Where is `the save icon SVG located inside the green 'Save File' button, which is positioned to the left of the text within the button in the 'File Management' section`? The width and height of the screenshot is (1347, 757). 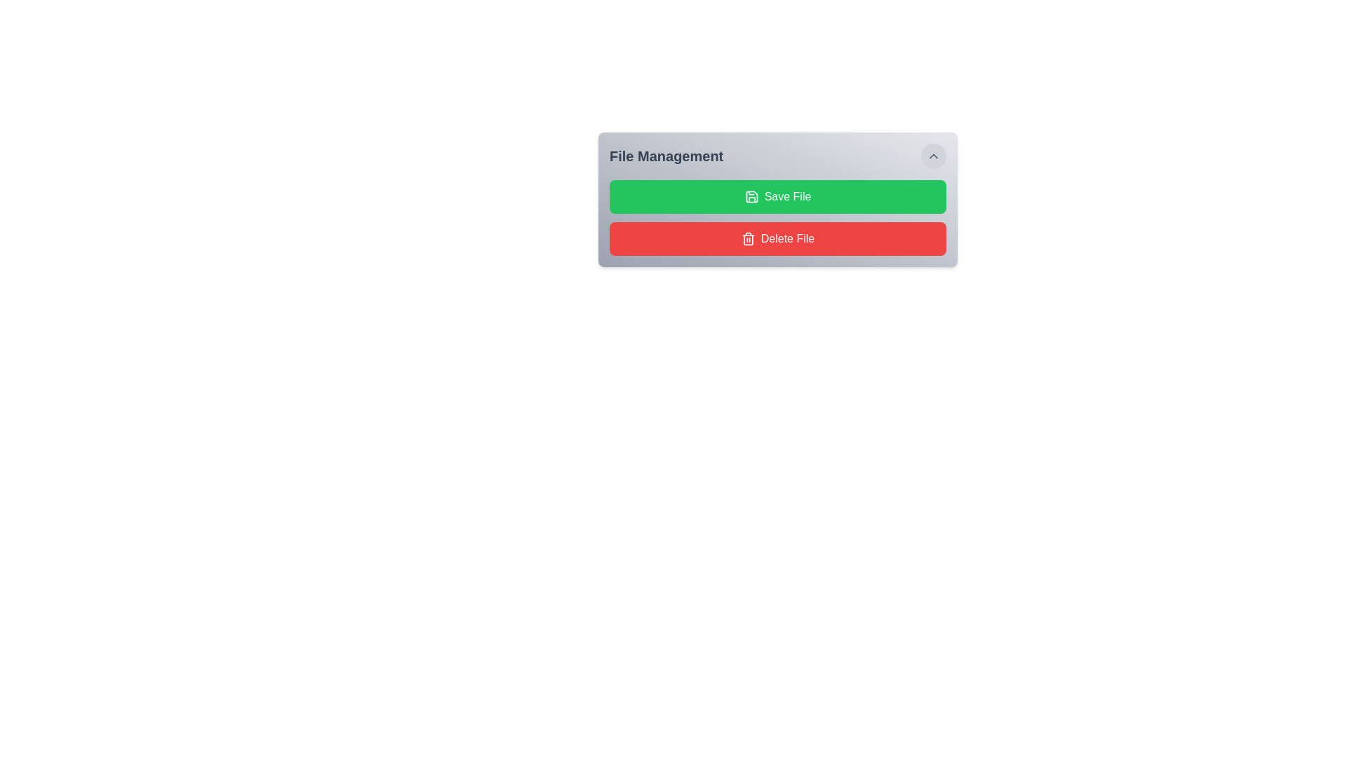
the save icon SVG located inside the green 'Save File' button, which is positioned to the left of the text within the button in the 'File Management' section is located at coordinates (751, 197).